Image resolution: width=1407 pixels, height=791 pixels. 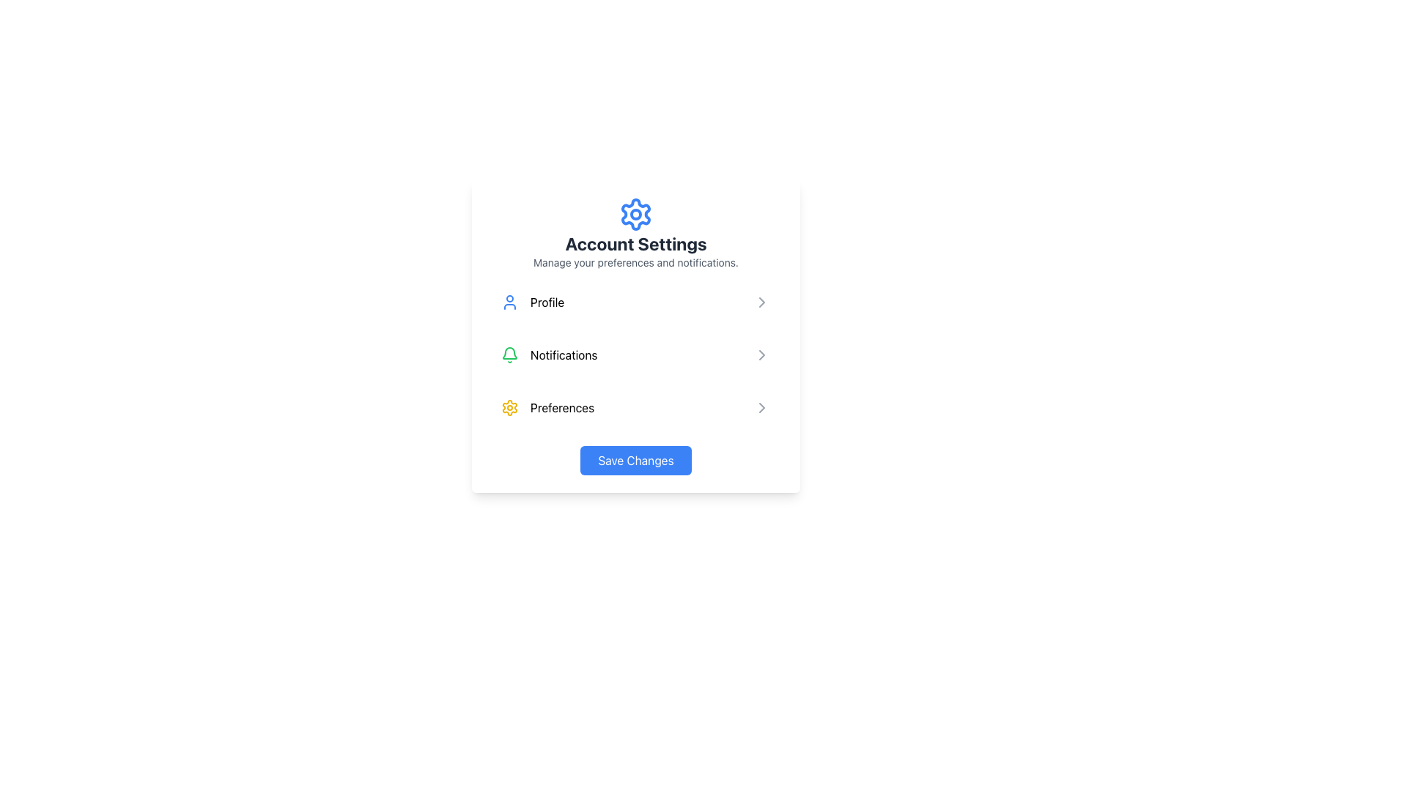 I want to click on the icon located on the far right of the 'Notifications' row, so click(x=762, y=355).